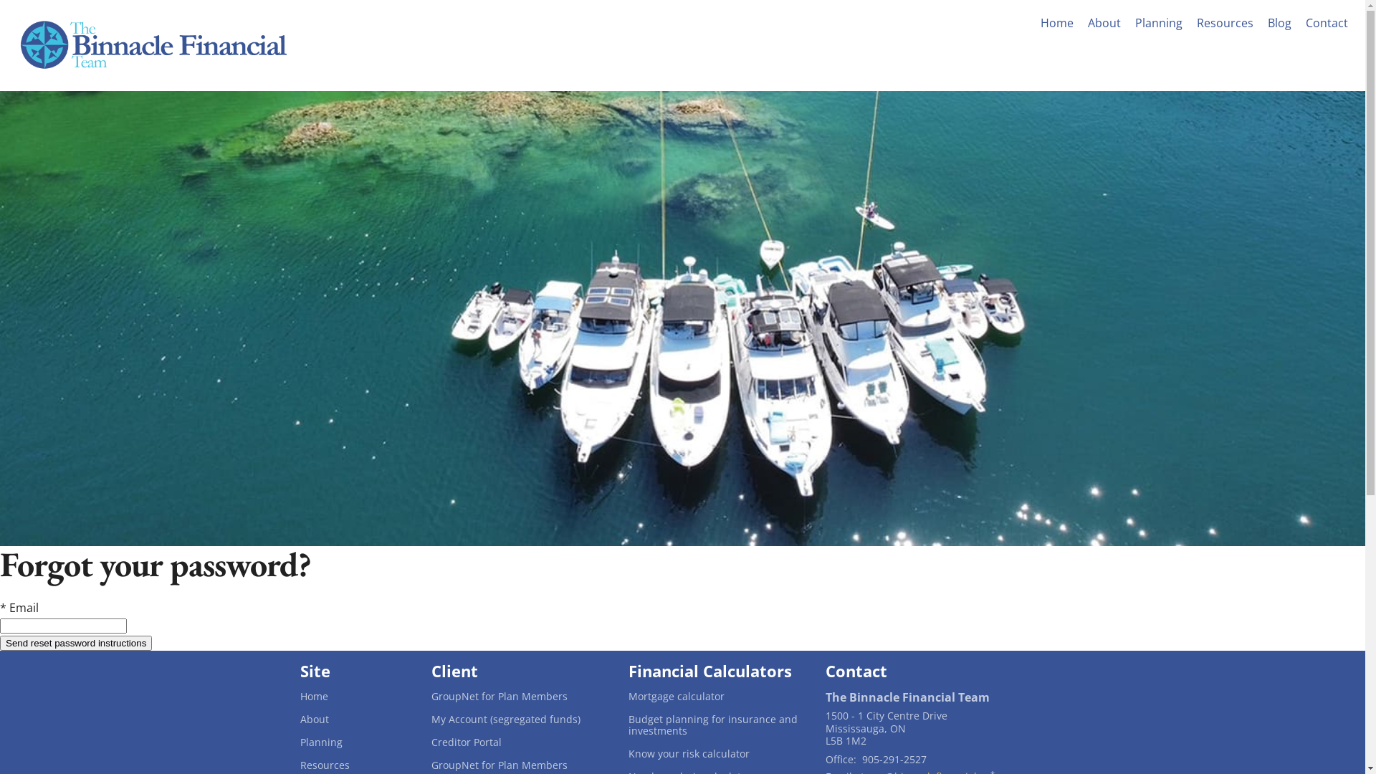  I want to click on 'GroupNet for Plan Members, so click(517, 765).